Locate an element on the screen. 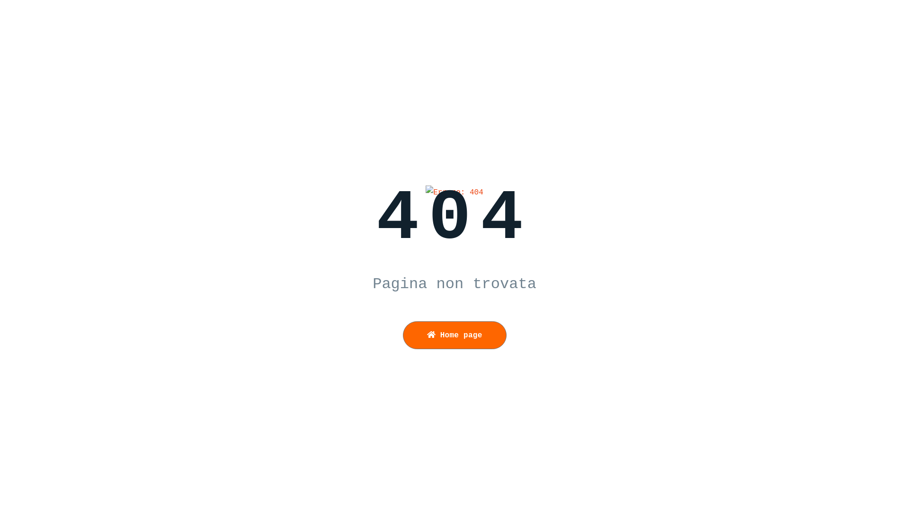 This screenshot has width=909, height=511. 'Home page' is located at coordinates (454, 335).